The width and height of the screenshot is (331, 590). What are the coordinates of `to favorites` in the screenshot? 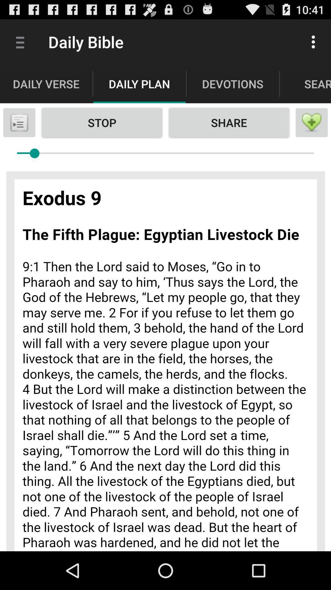 It's located at (312, 122).